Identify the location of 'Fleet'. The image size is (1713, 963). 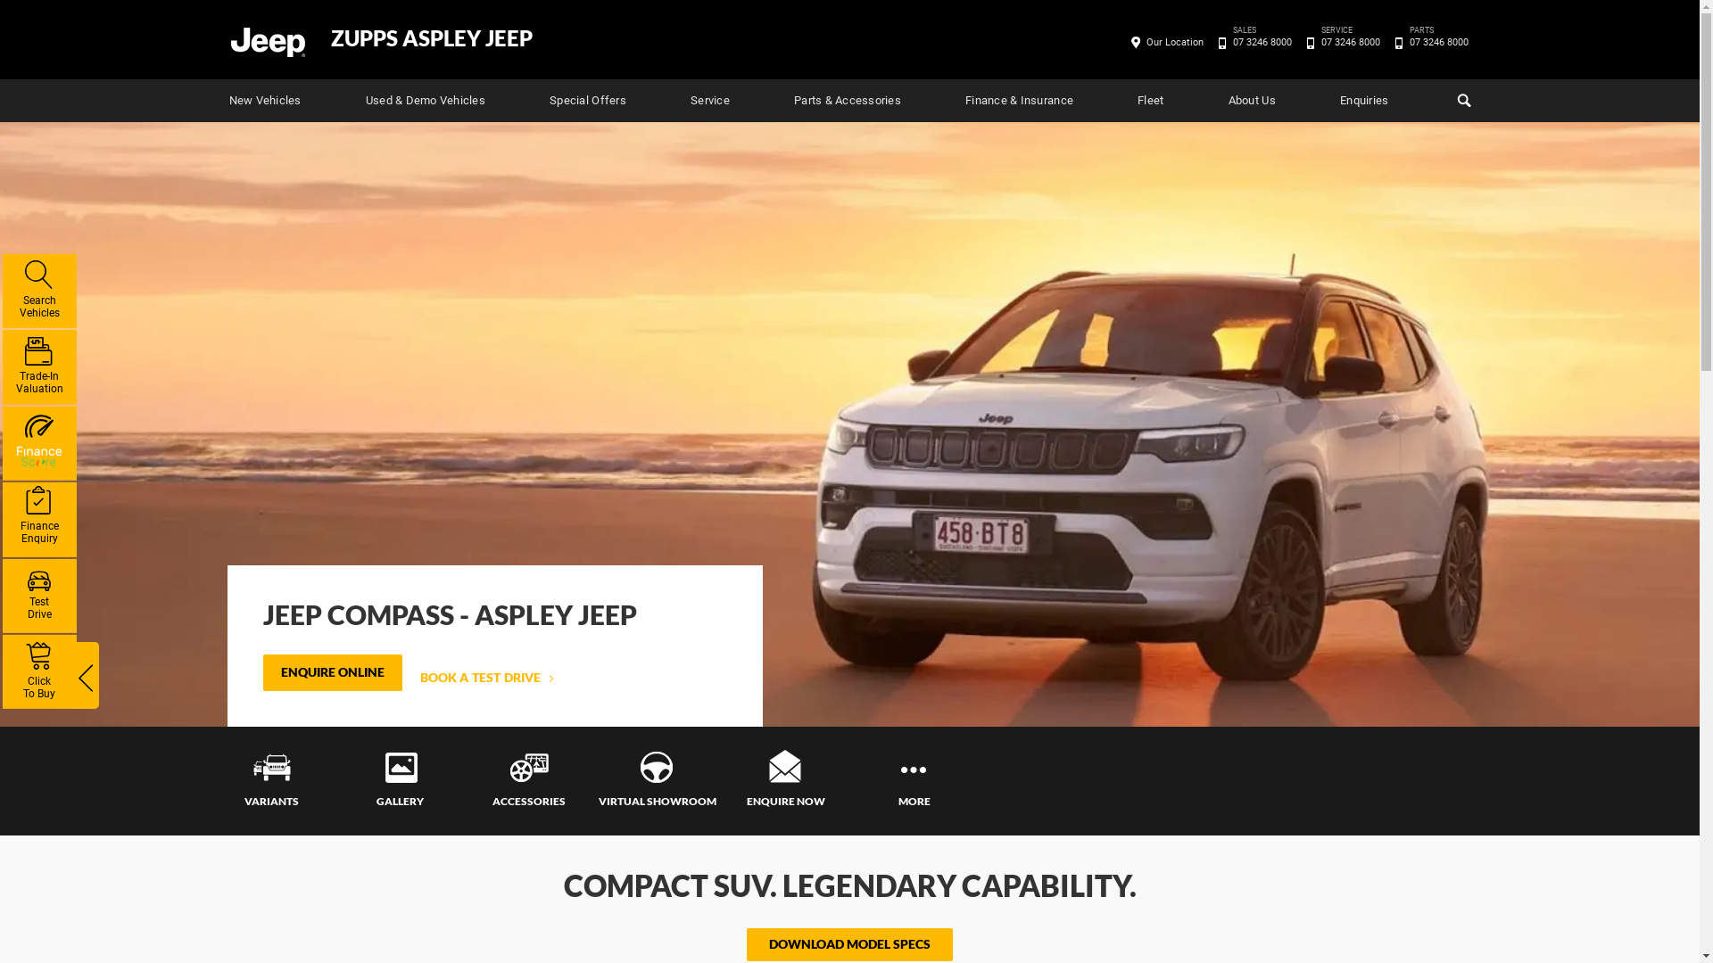
(1150, 100).